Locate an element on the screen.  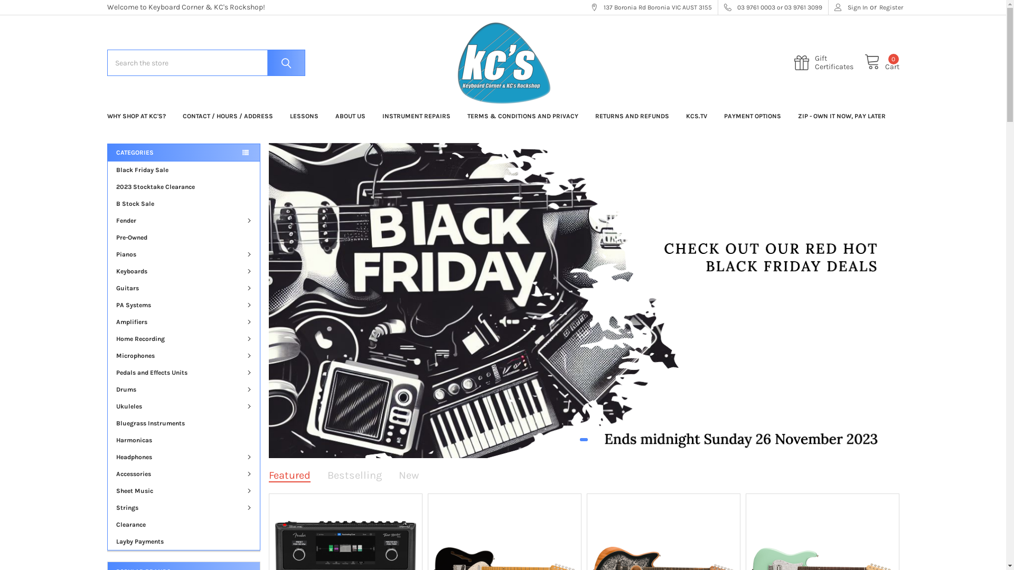
'Home Recording' is located at coordinates (183, 338).